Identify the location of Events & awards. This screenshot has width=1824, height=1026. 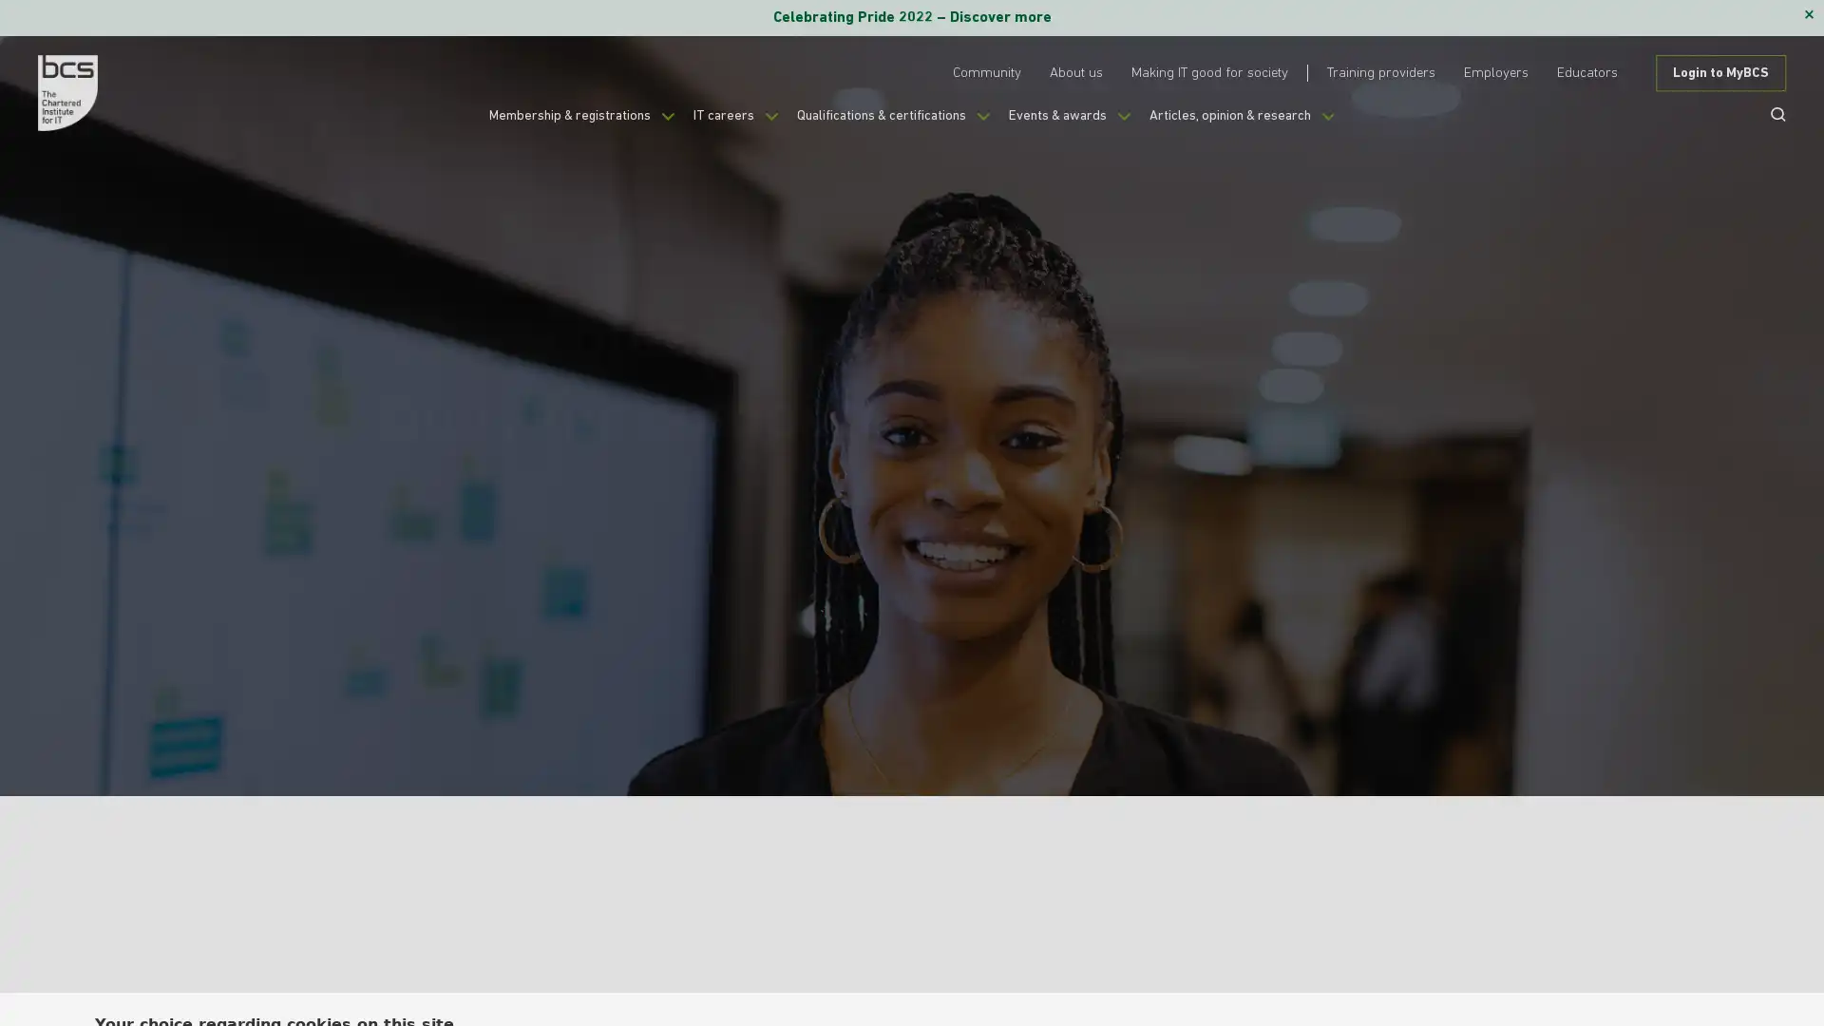
(1086, 125).